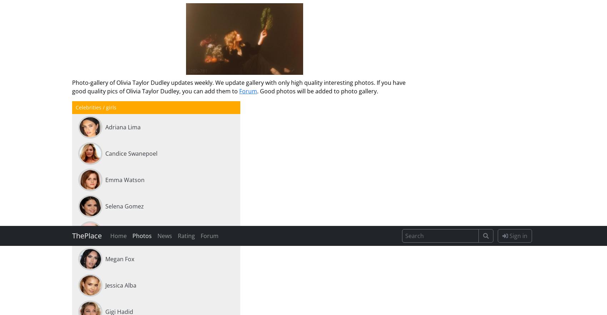 This screenshot has height=315, width=607. Describe the element at coordinates (144, 163) in the screenshot. I see `'19 Oct 07:24'` at that location.